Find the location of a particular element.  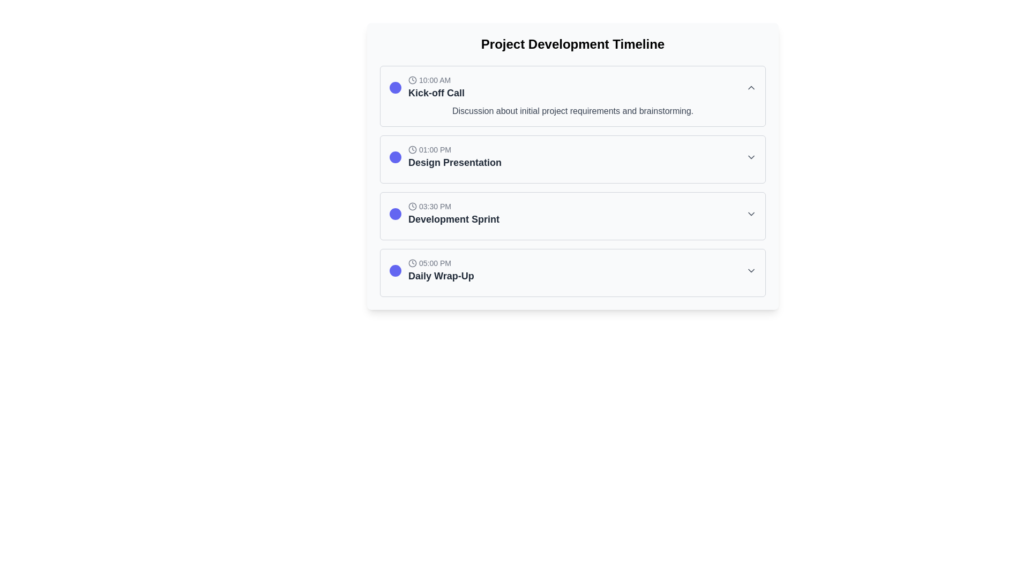

the circular clock icon element located in the third event row of the timeline, adjacent to the 'Development Sprint' text is located at coordinates (412, 206).